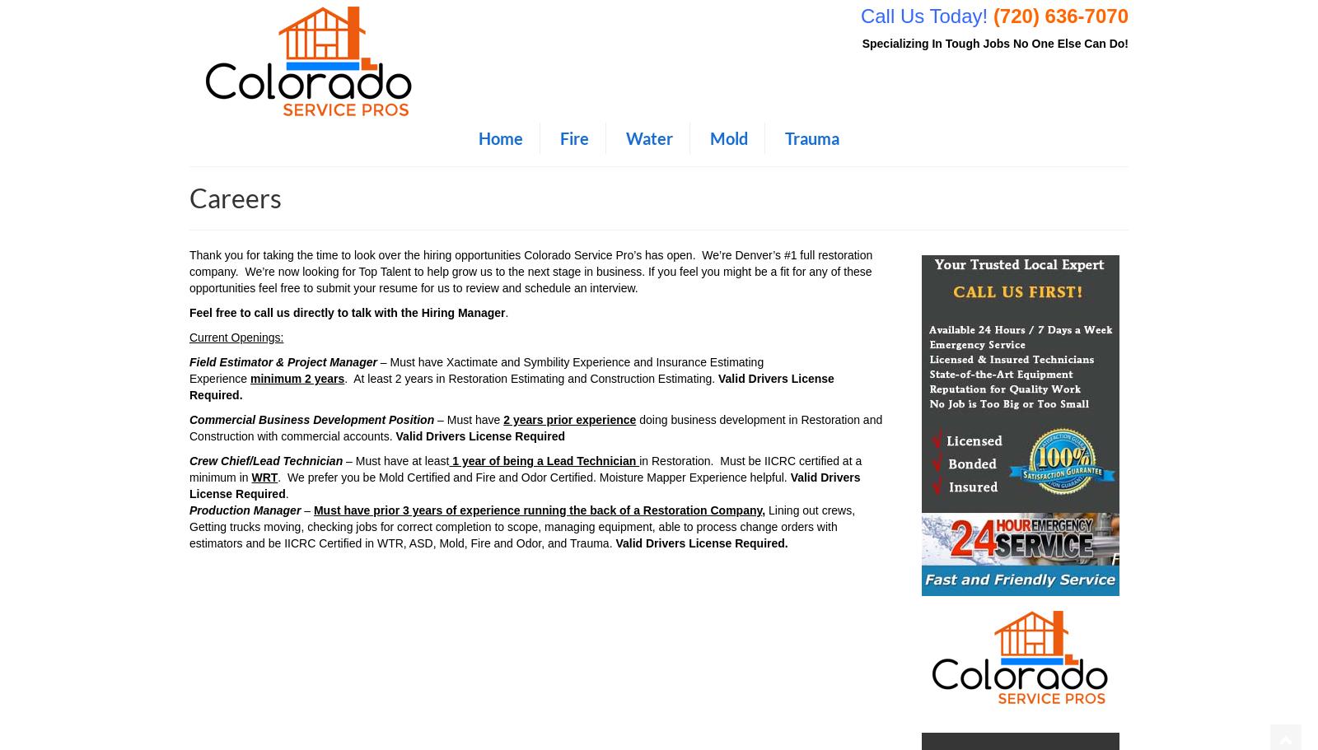 The image size is (1318, 750). Describe the element at coordinates (324, 377) in the screenshot. I see `'2 years'` at that location.